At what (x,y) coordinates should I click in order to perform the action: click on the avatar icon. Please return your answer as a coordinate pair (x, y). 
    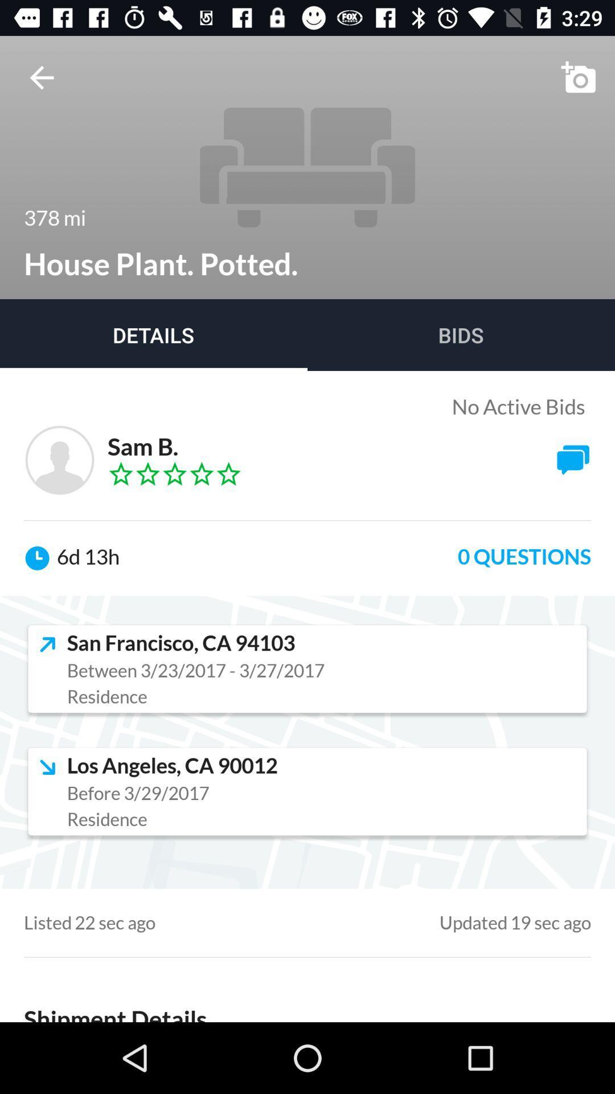
    Looking at the image, I should click on (65, 460).